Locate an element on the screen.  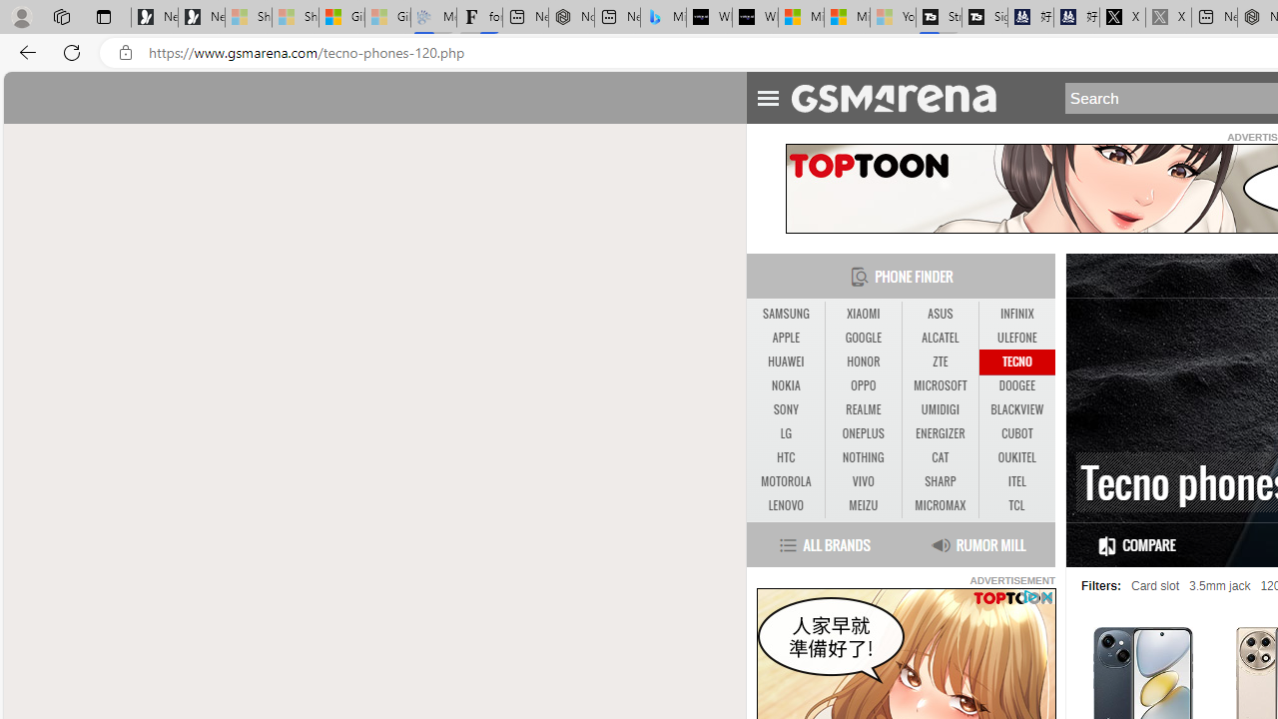
'UMIDIGI' is located at coordinates (939, 408).